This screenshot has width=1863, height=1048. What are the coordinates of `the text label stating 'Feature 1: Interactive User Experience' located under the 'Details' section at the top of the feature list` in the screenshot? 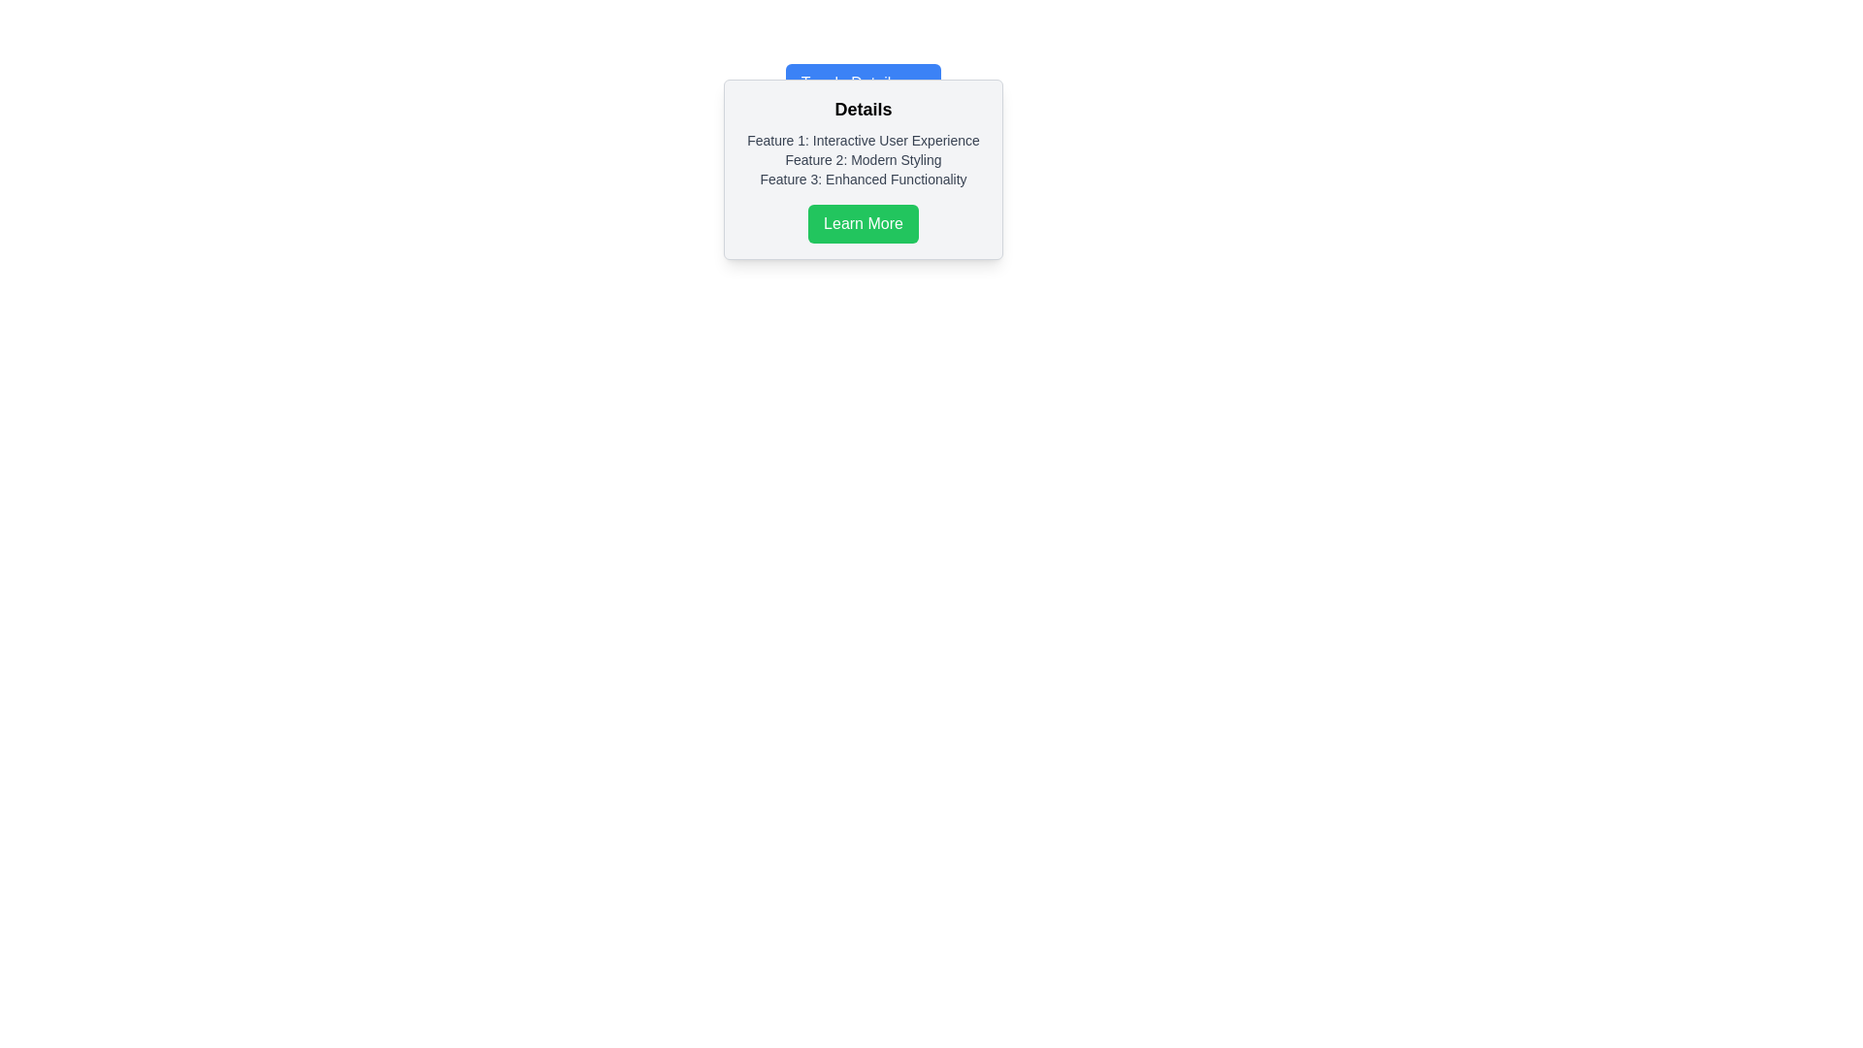 It's located at (862, 140).